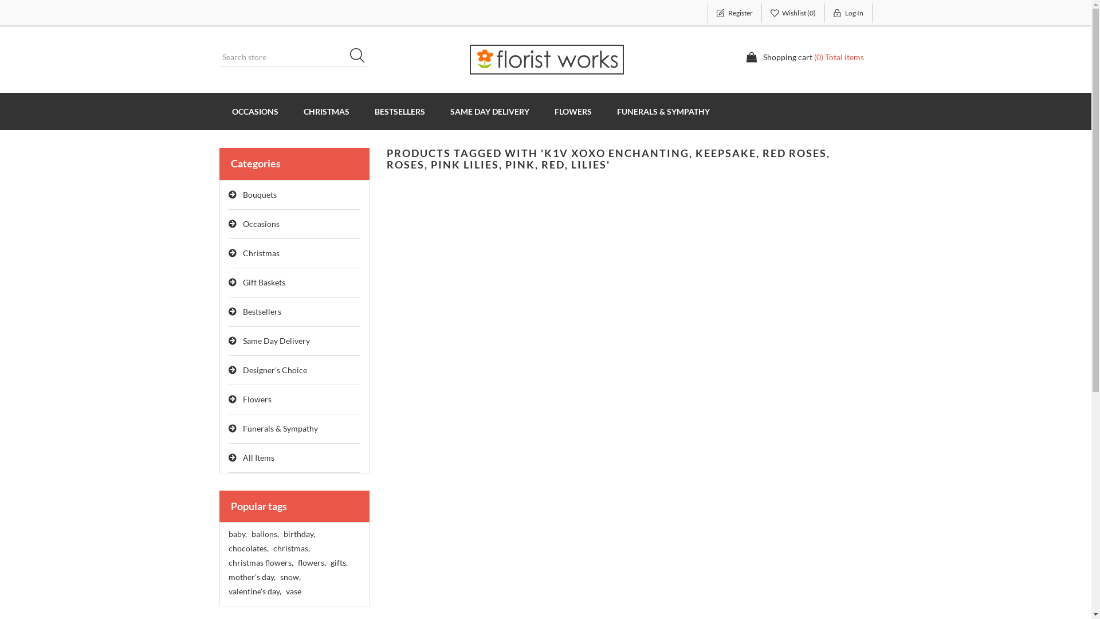  Describe the element at coordinates (761, 13) in the screenshot. I see `'Wishlist (0)'` at that location.